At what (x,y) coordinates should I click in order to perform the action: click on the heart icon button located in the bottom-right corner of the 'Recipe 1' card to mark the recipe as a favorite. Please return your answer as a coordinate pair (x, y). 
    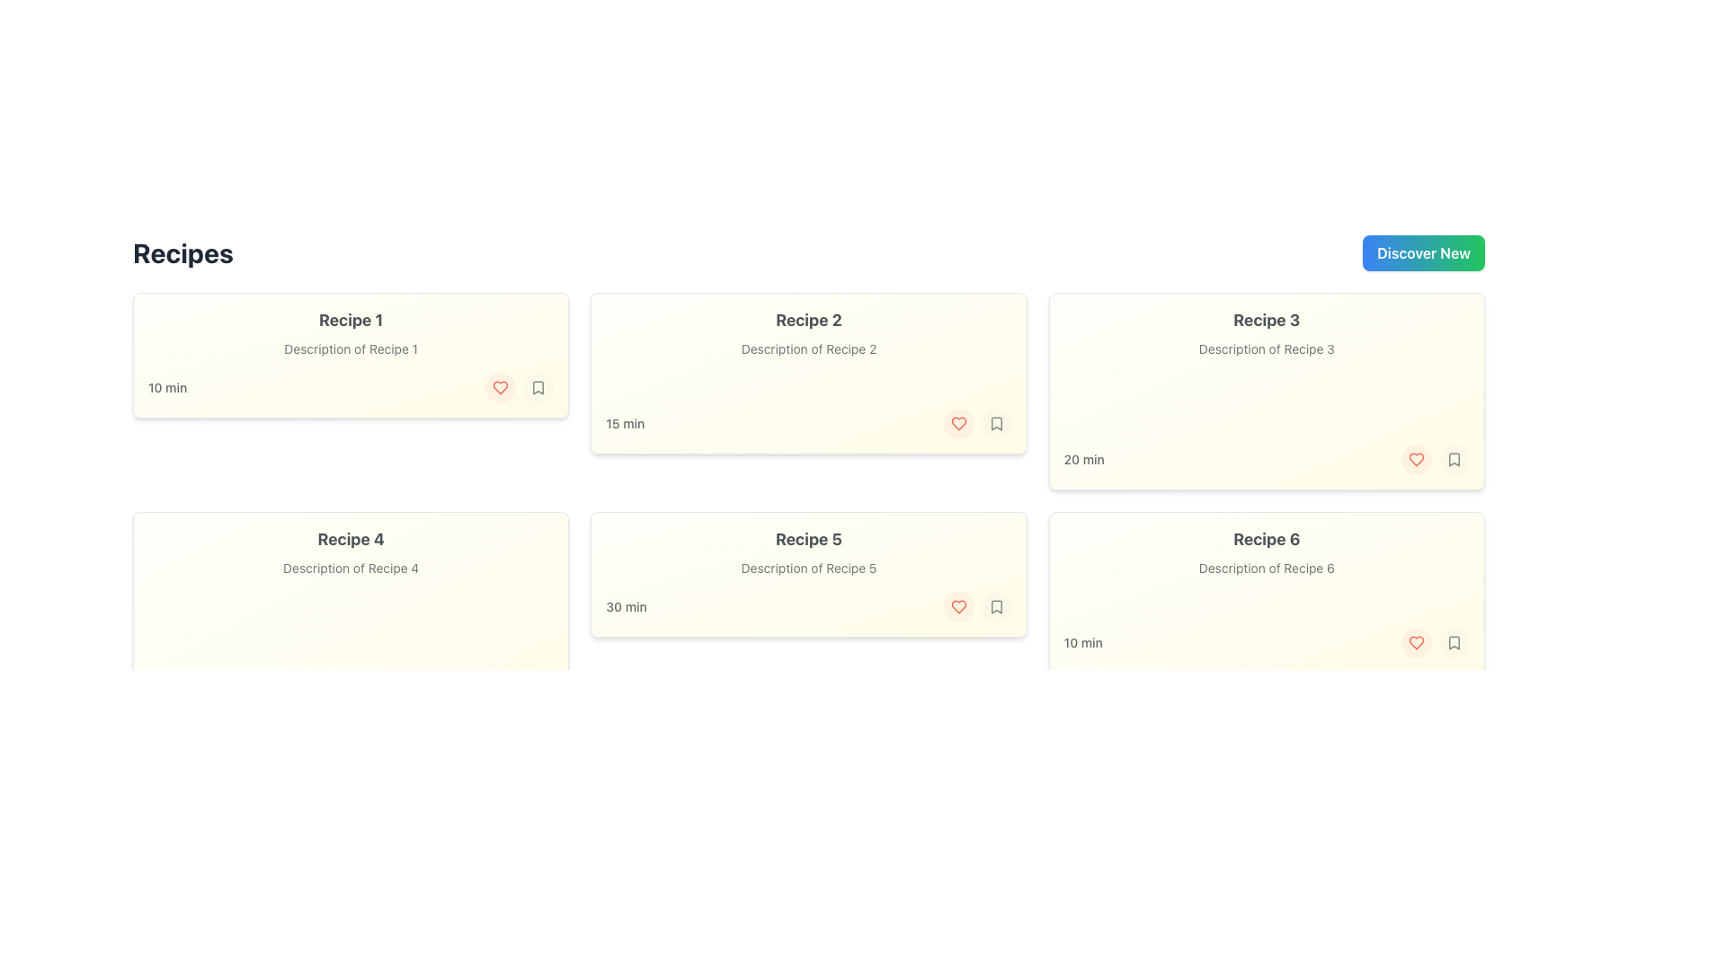
    Looking at the image, I should click on (500, 387).